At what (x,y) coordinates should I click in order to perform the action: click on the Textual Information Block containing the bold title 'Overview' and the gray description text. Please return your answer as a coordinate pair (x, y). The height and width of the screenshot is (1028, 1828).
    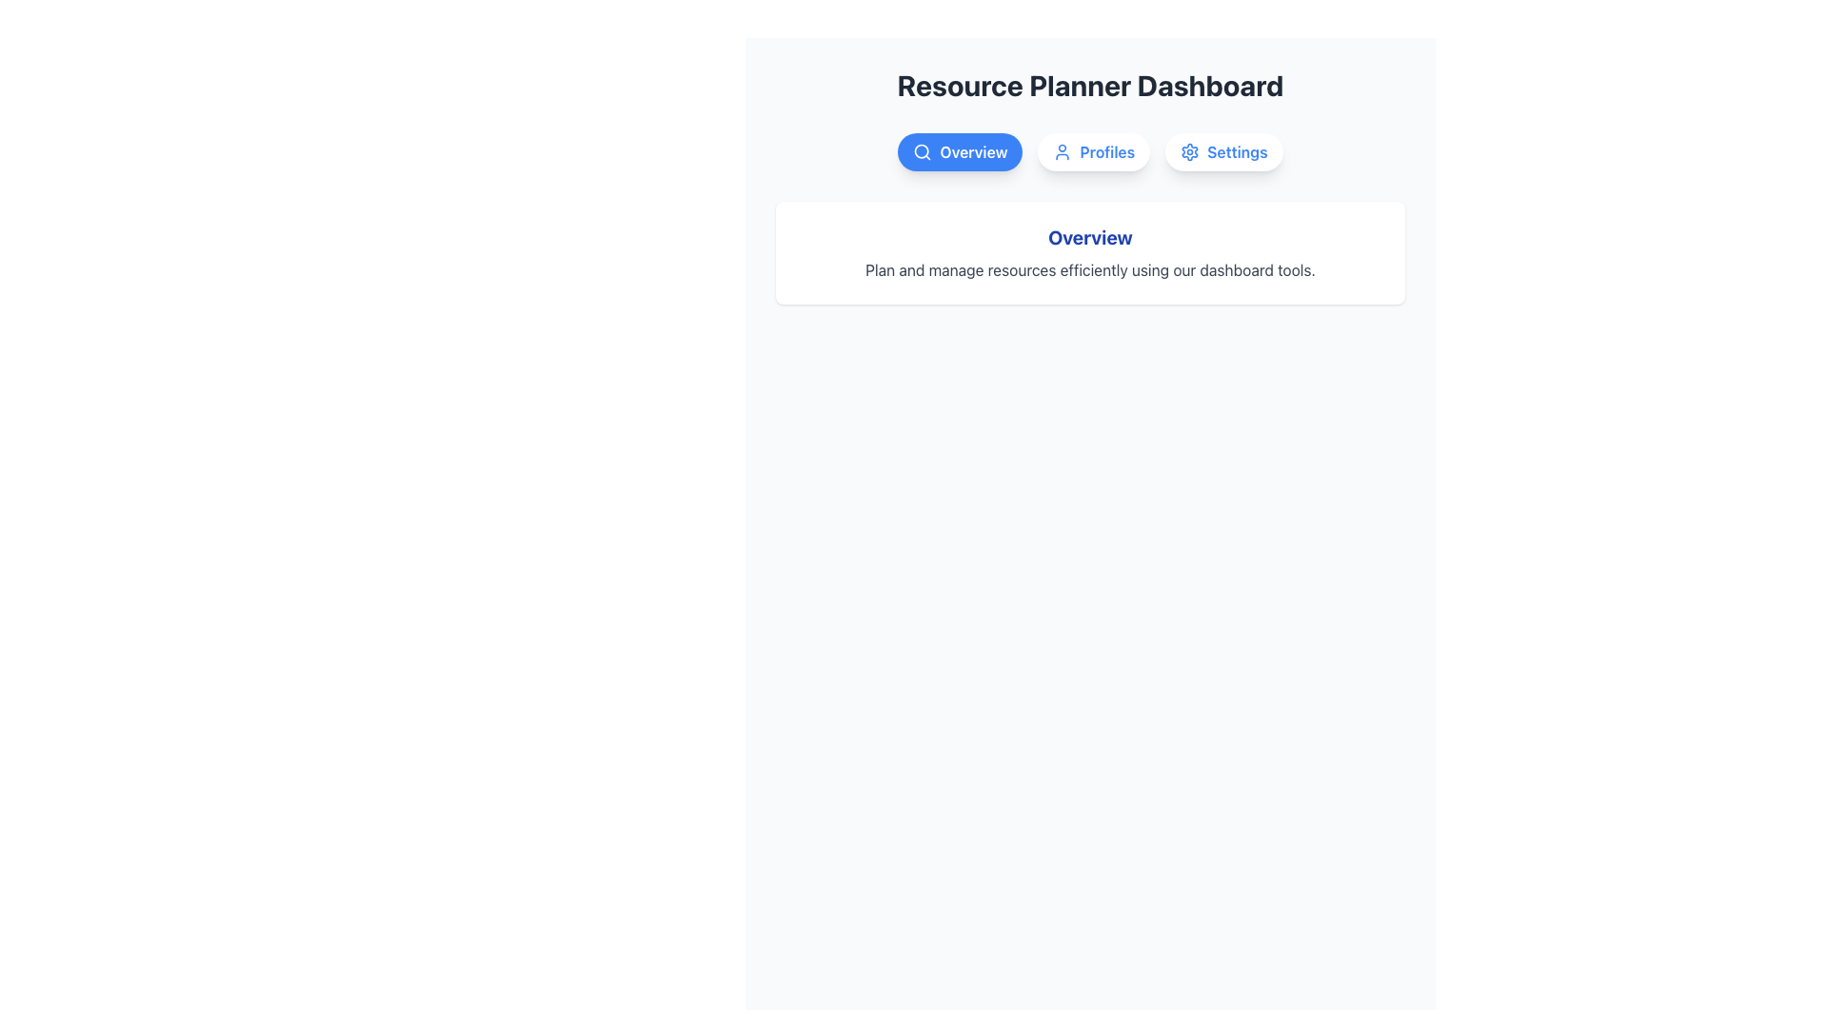
    Looking at the image, I should click on (1090, 252).